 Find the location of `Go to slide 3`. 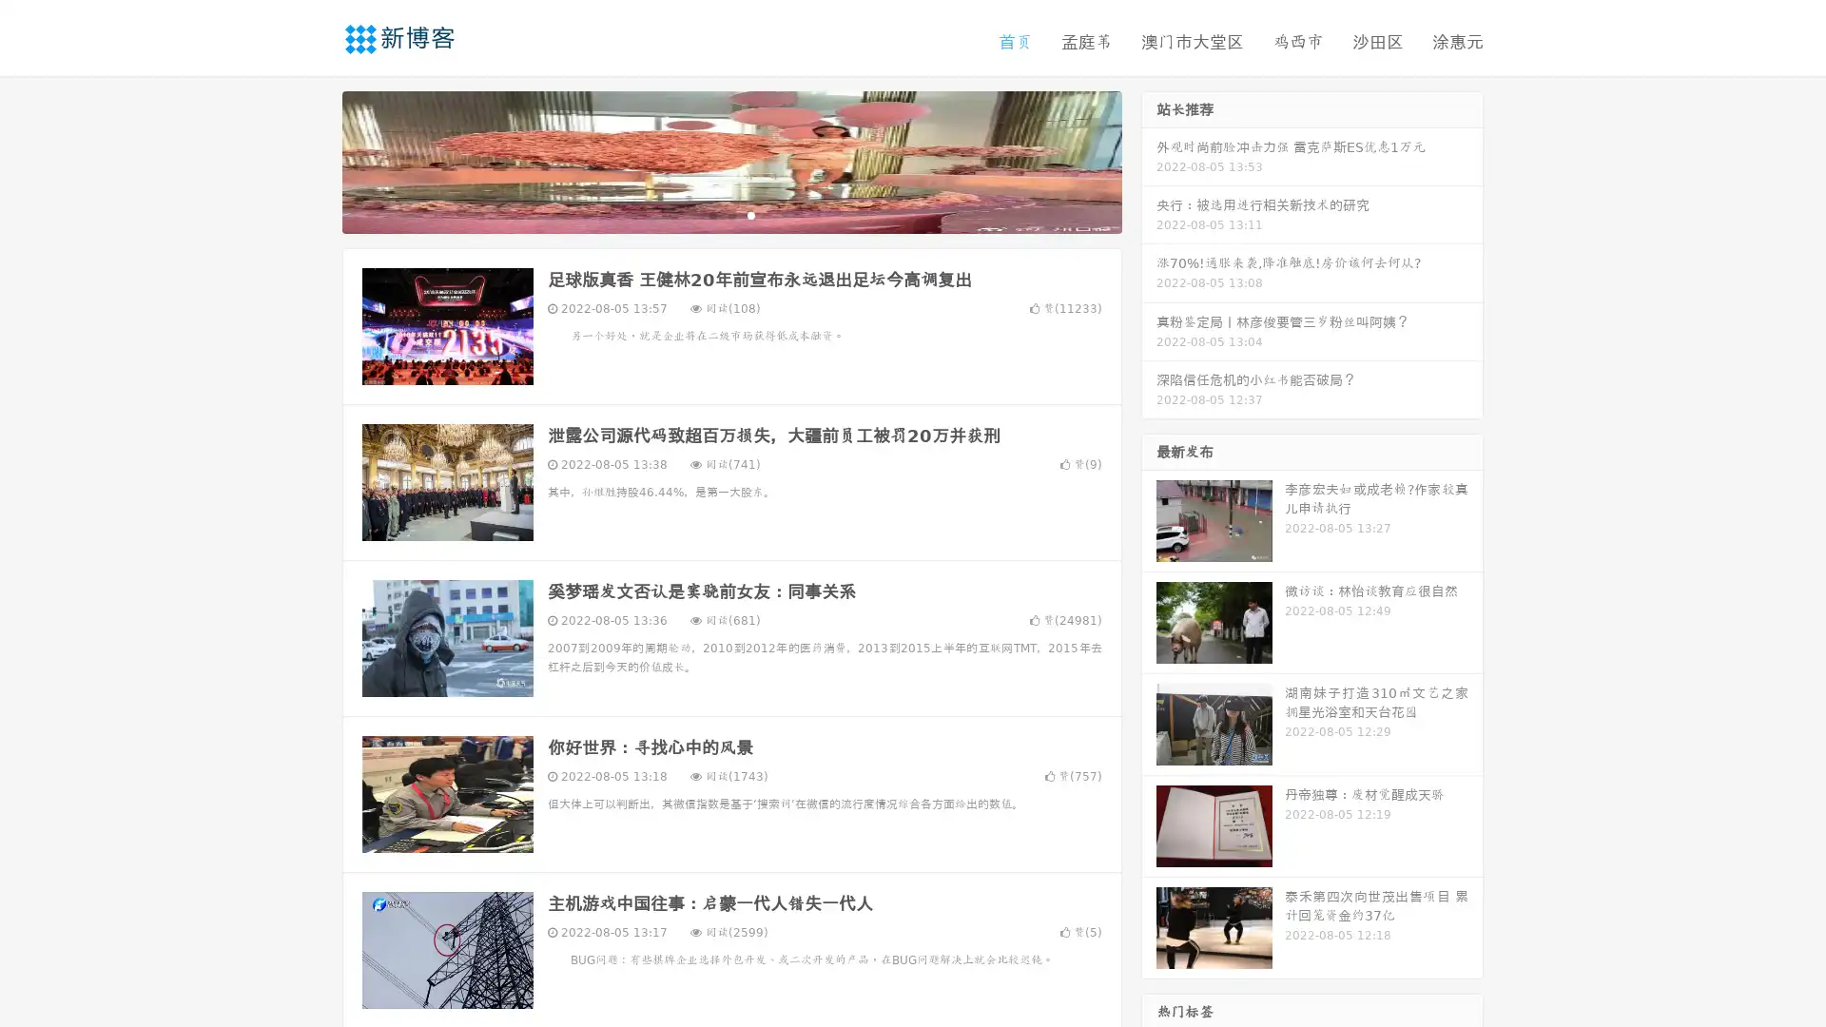

Go to slide 3 is located at coordinates (750, 214).